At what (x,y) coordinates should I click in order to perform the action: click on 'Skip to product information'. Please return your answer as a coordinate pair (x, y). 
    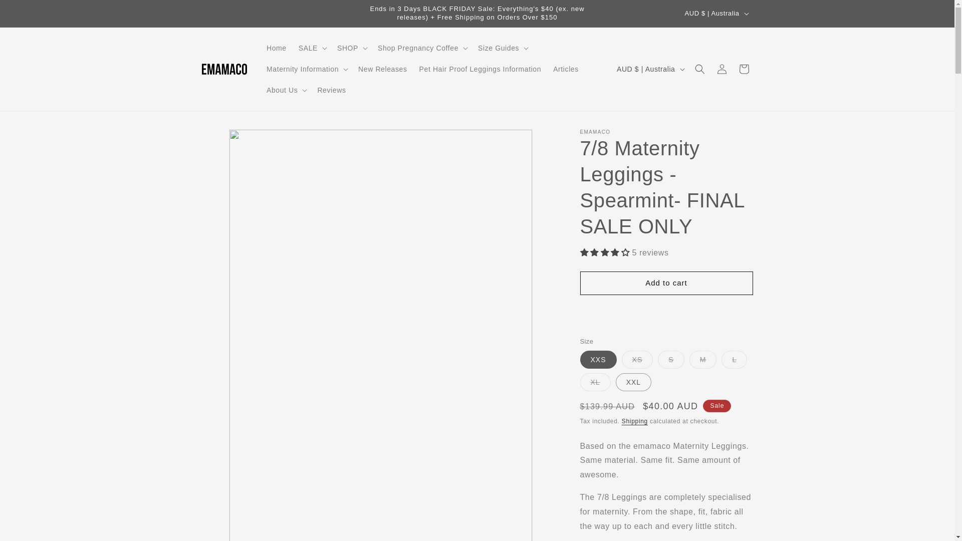
    Looking at the image, I should click on (201, 140).